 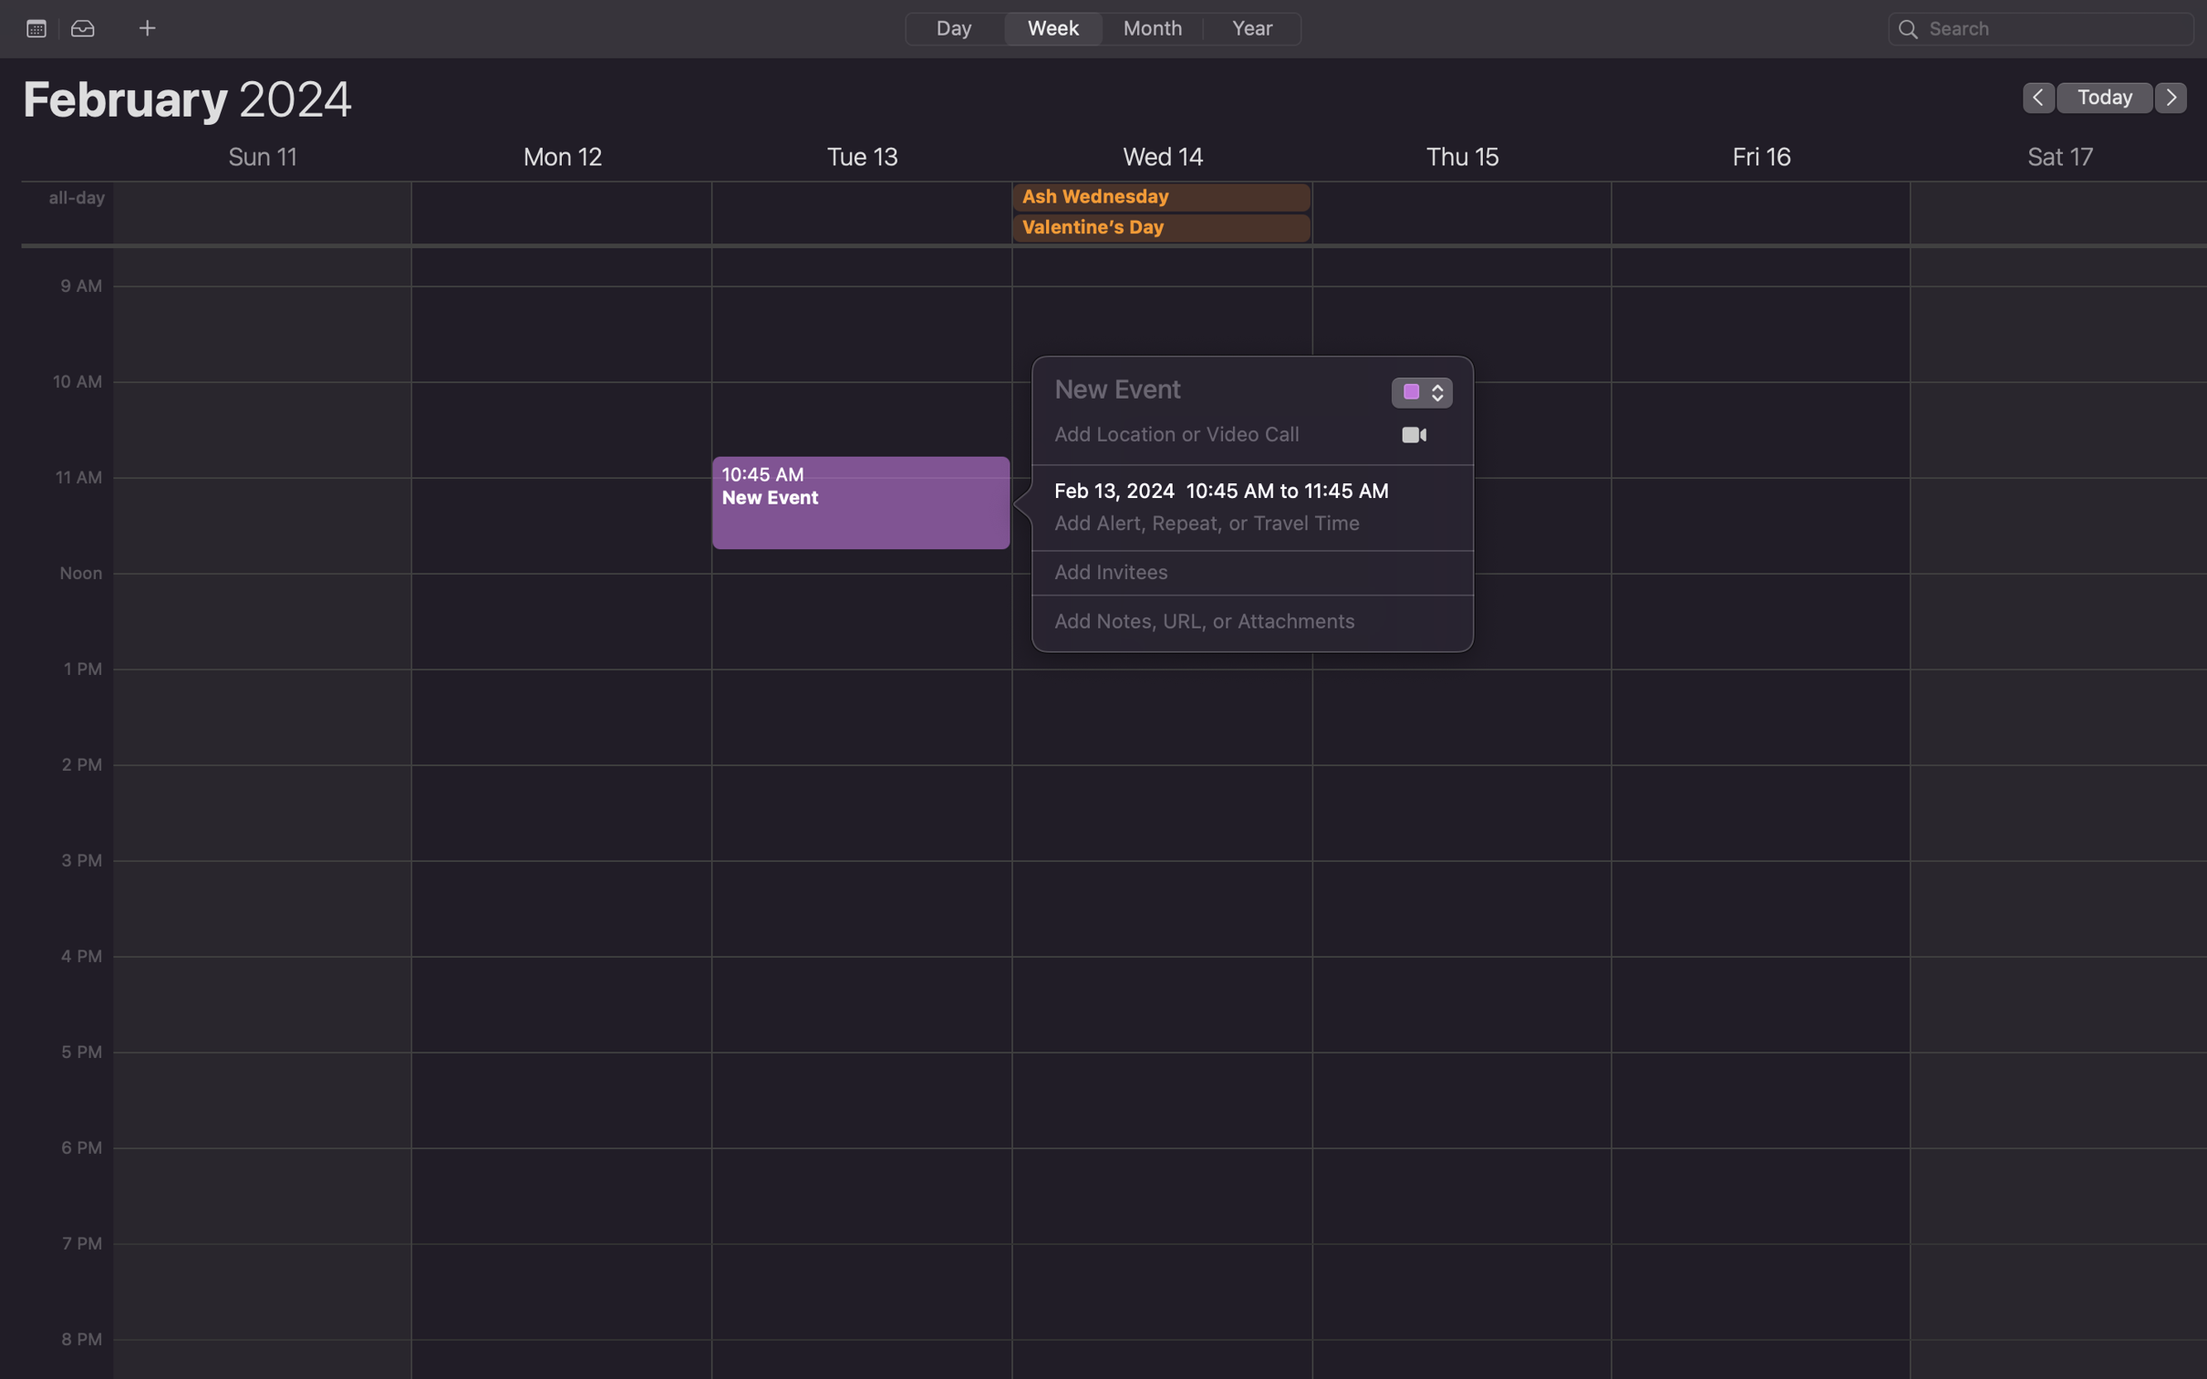 I want to click on the event type to "Birthday Party", so click(x=1409, y=395).